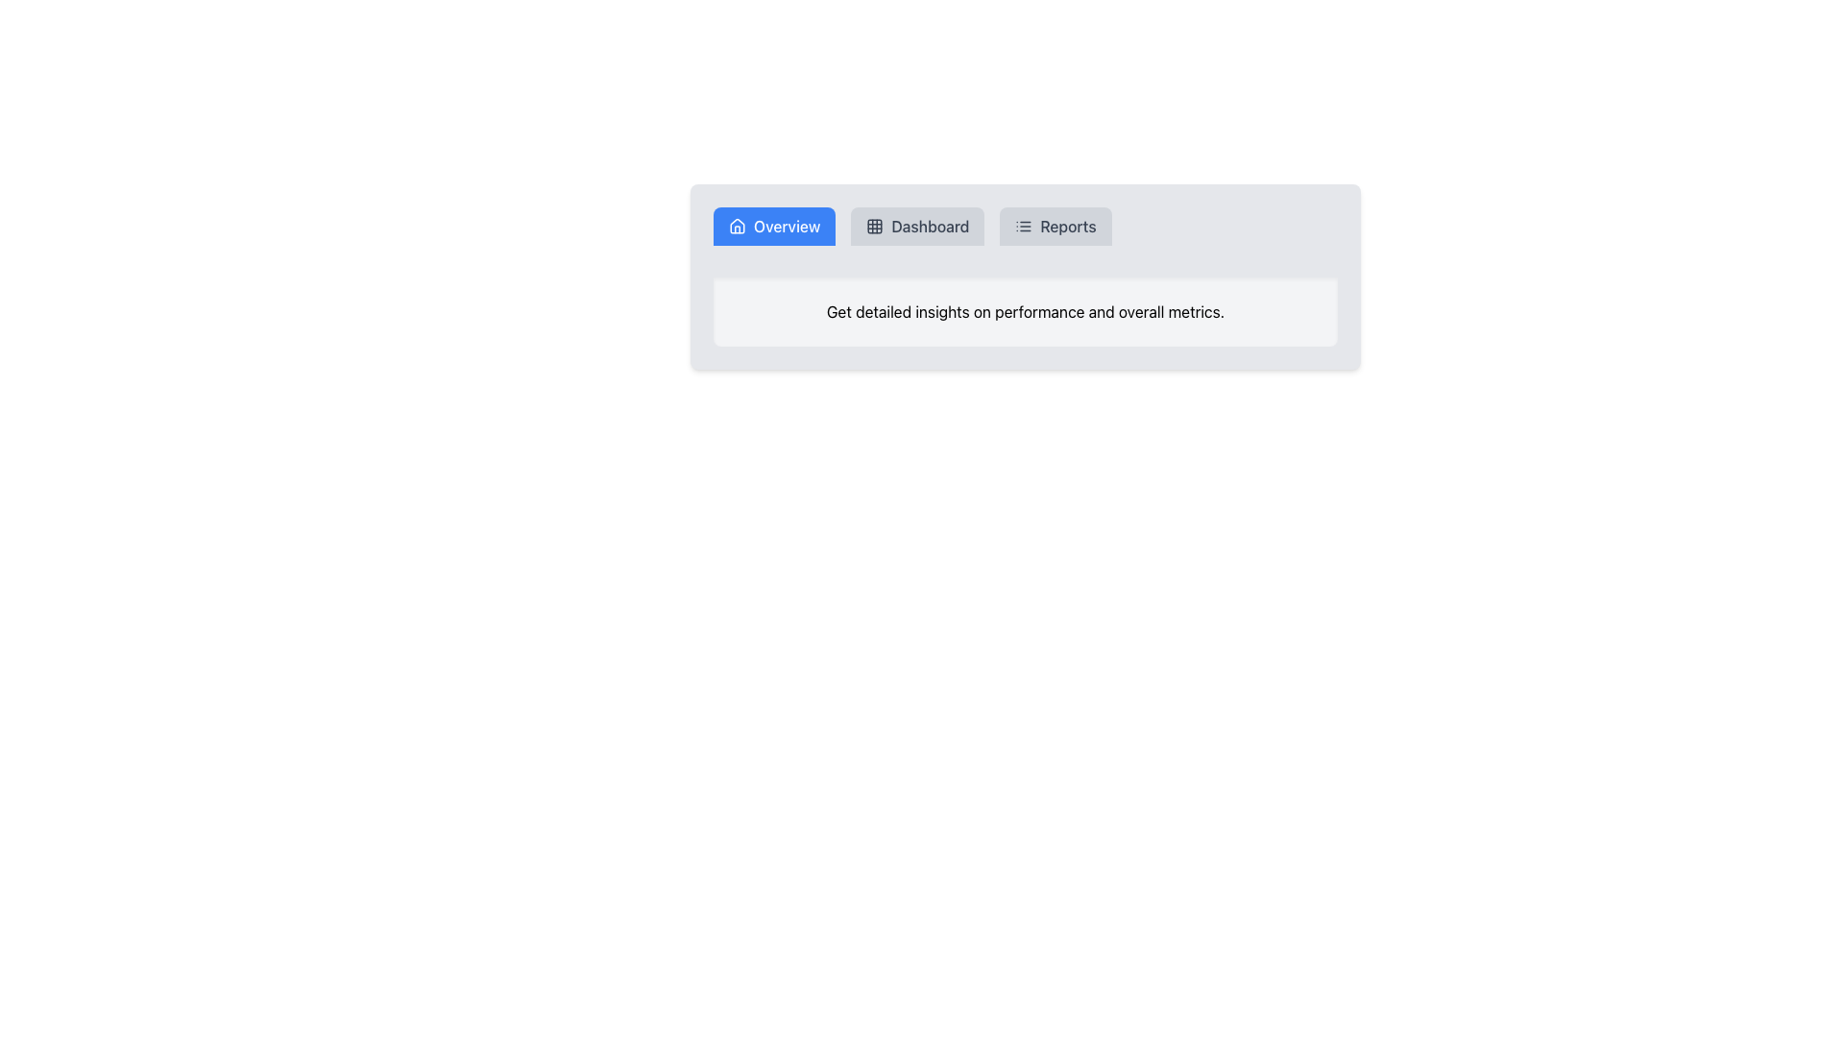  I want to click on the second tab item in the horizontal navigation bar, so click(916, 225).